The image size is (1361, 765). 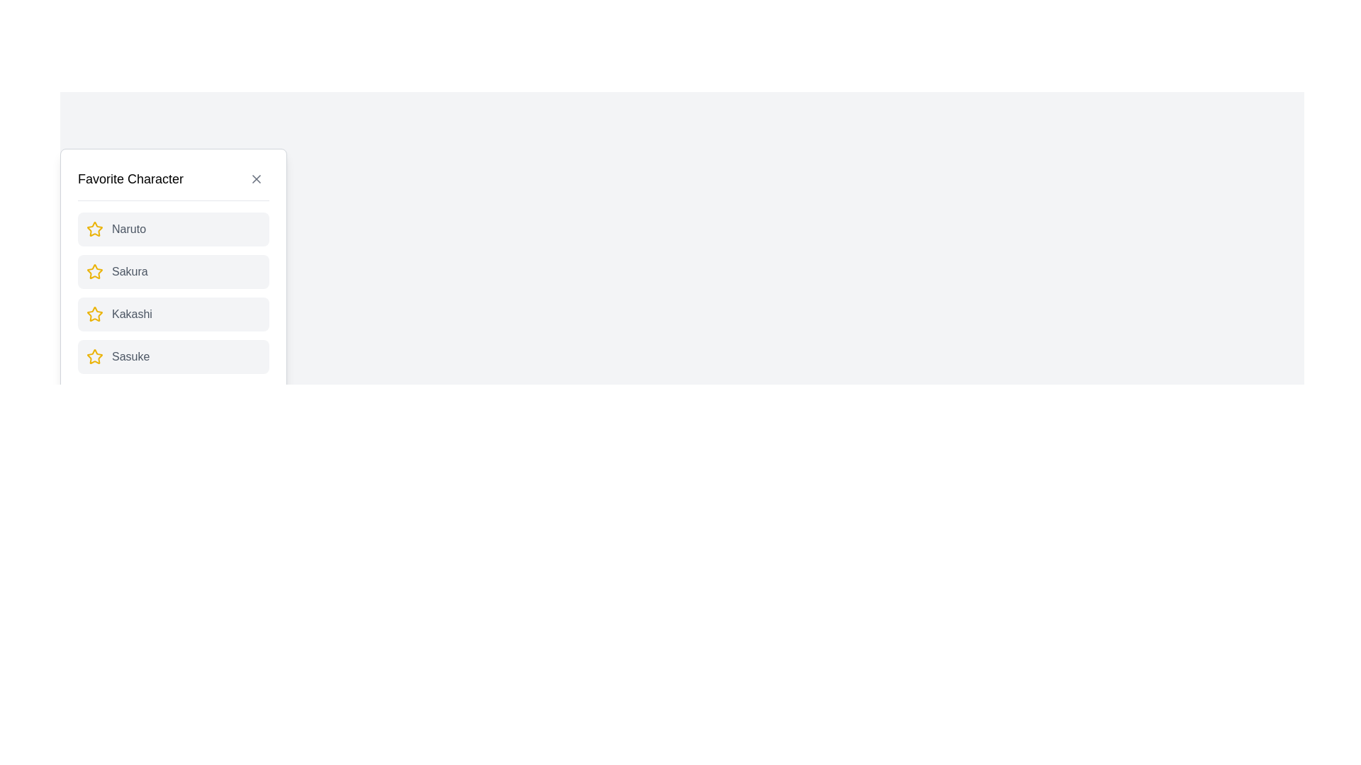 What do you see at coordinates (94, 313) in the screenshot?
I see `the star-shaped icon with a yellow outline next to the 'Kakashi' label in the third list item of the 'Favorite Character' card` at bounding box center [94, 313].